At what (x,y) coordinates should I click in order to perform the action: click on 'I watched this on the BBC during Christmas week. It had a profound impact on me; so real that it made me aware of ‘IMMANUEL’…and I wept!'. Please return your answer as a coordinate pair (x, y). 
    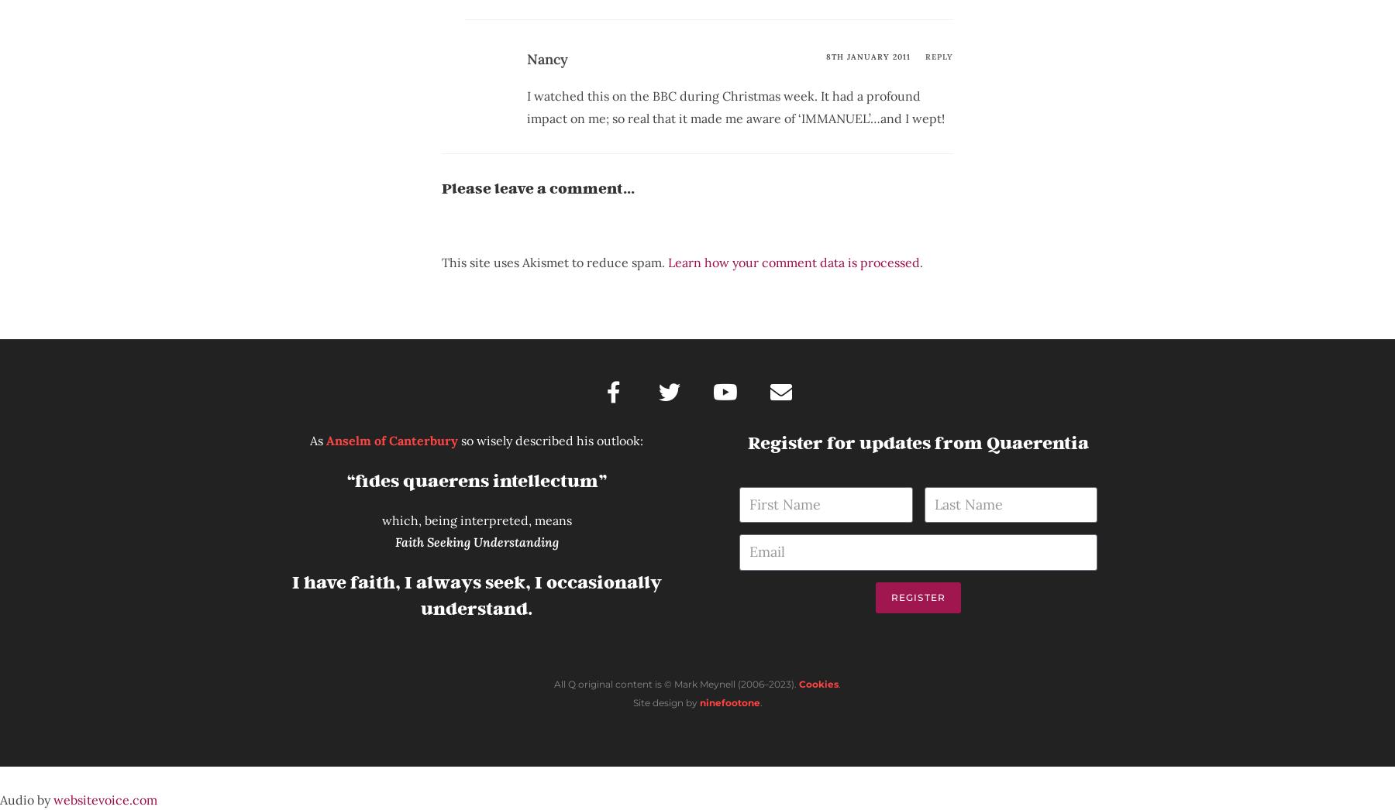
    Looking at the image, I should click on (526, 105).